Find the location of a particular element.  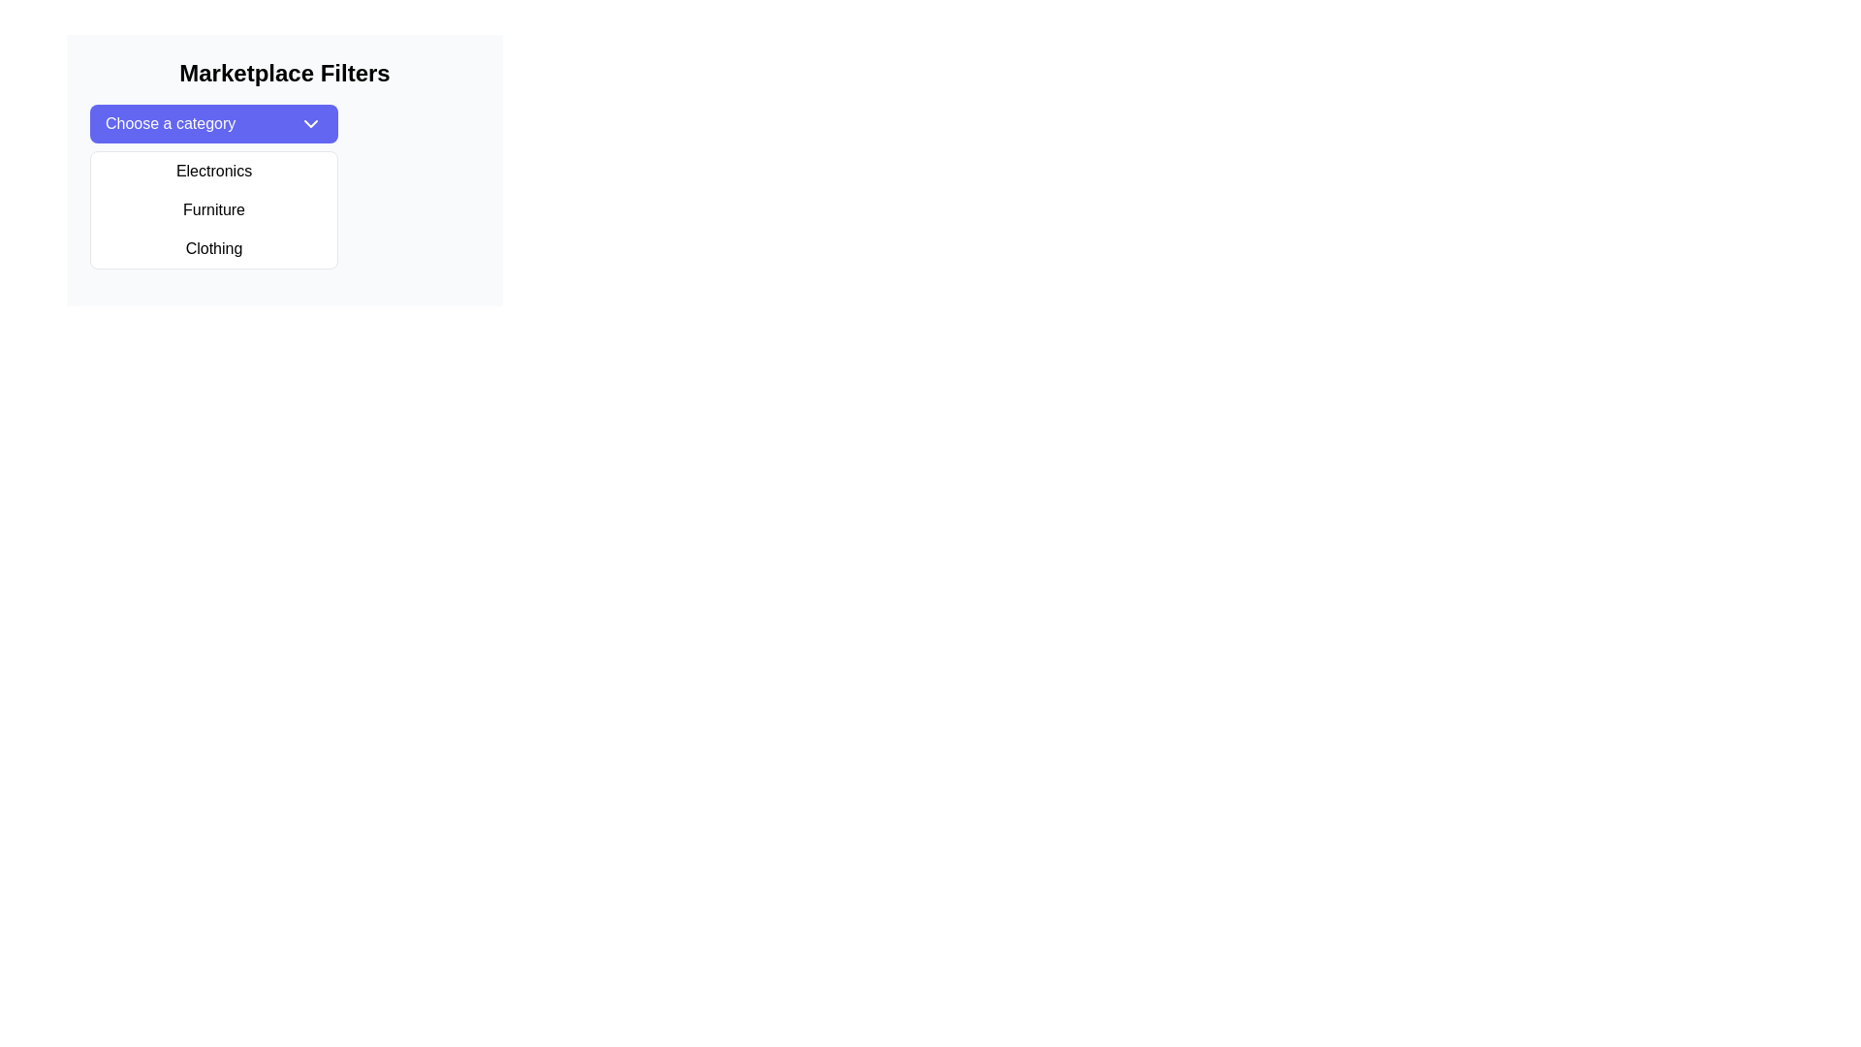

options from the dropdown menu located below the 'Choose a category' button, which contains the items 'Electronics', 'Furniture', and 'Clothing' is located at coordinates (213, 209).